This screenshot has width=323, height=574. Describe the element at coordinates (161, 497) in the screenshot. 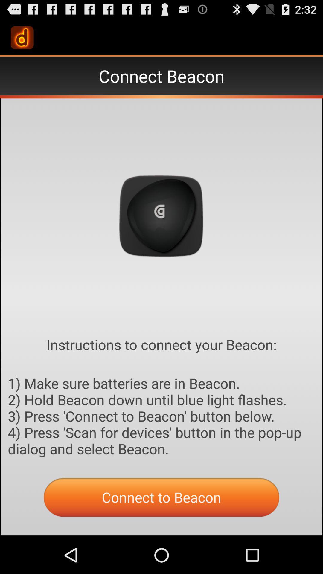

I see `the orange button which is at the bottom middle of the page` at that location.